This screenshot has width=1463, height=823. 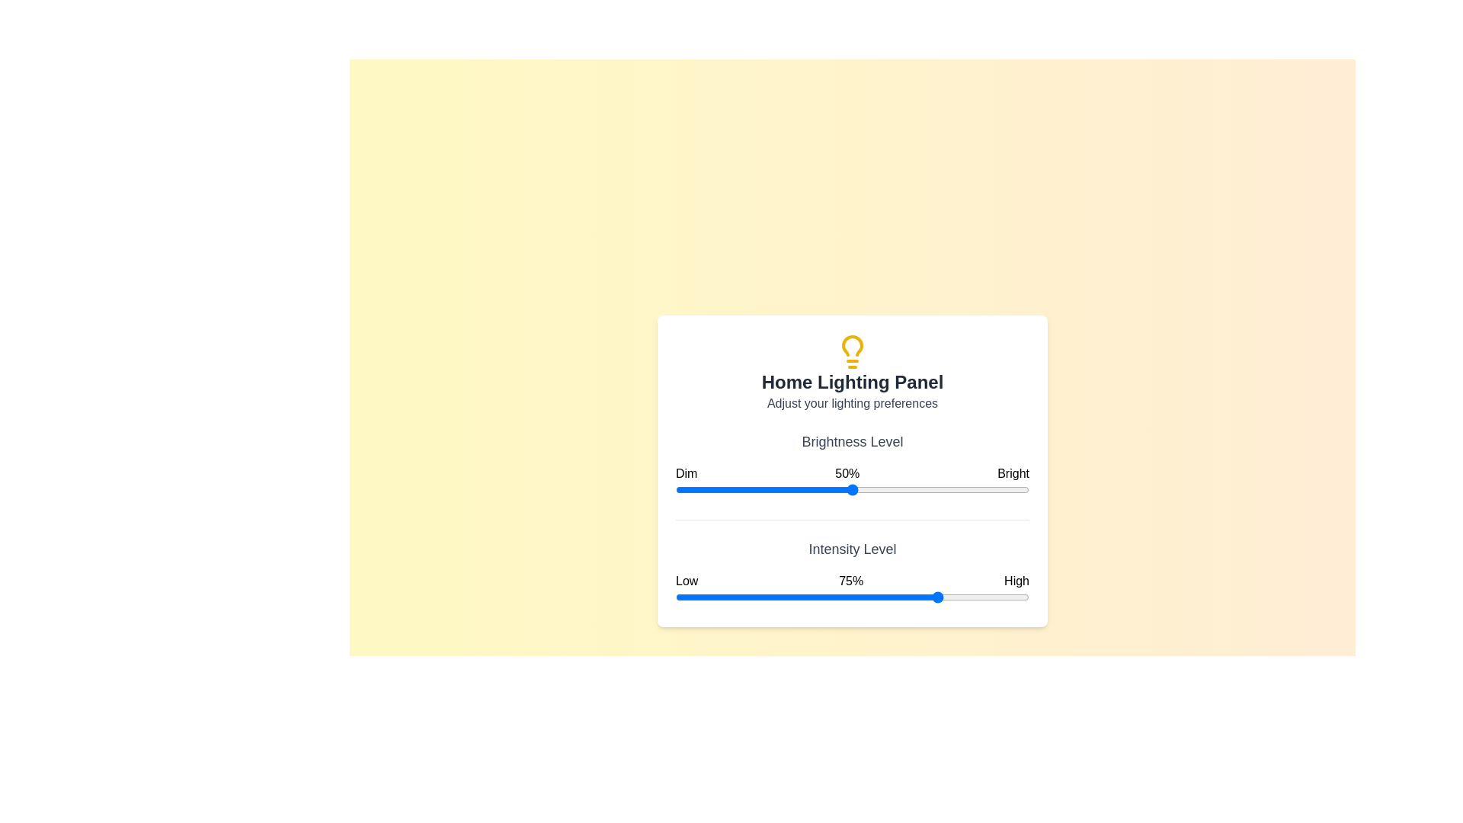 What do you see at coordinates (898, 596) in the screenshot?
I see `the Intensity Level slider` at bounding box center [898, 596].